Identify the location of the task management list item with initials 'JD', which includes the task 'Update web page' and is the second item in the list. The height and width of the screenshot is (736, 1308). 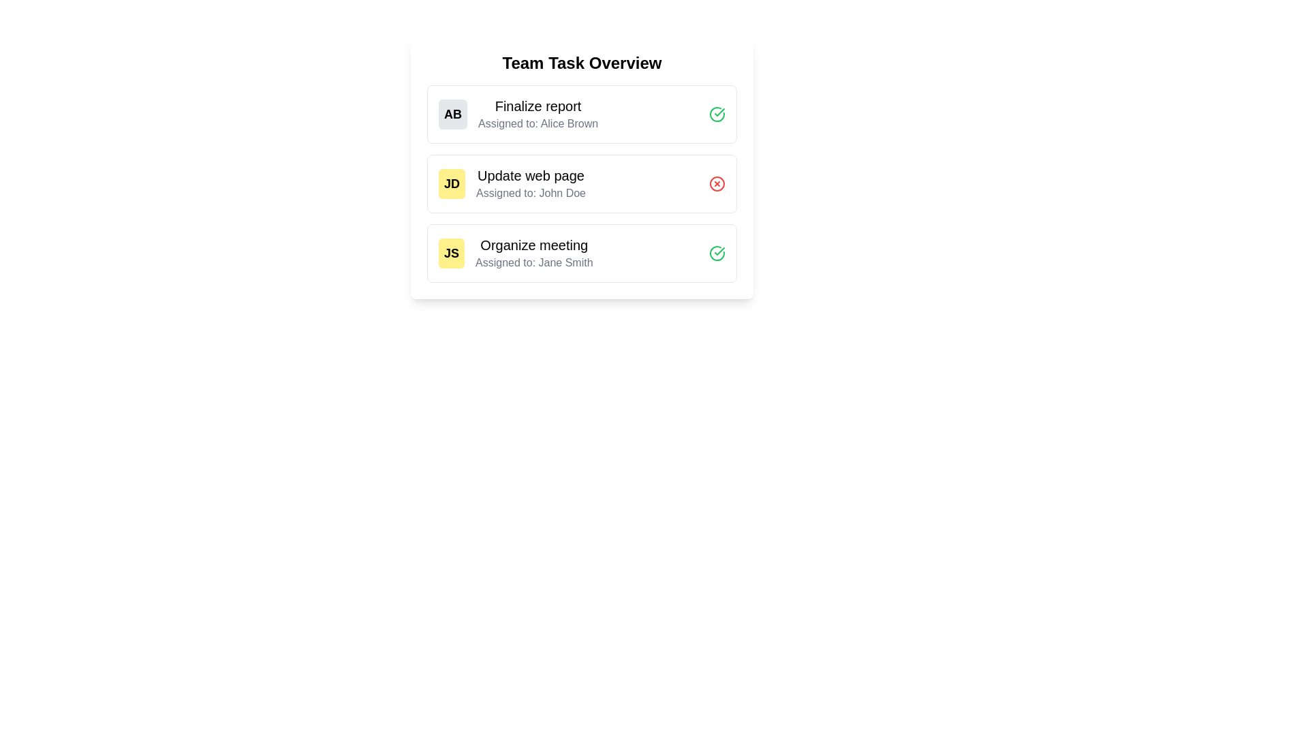
(512, 184).